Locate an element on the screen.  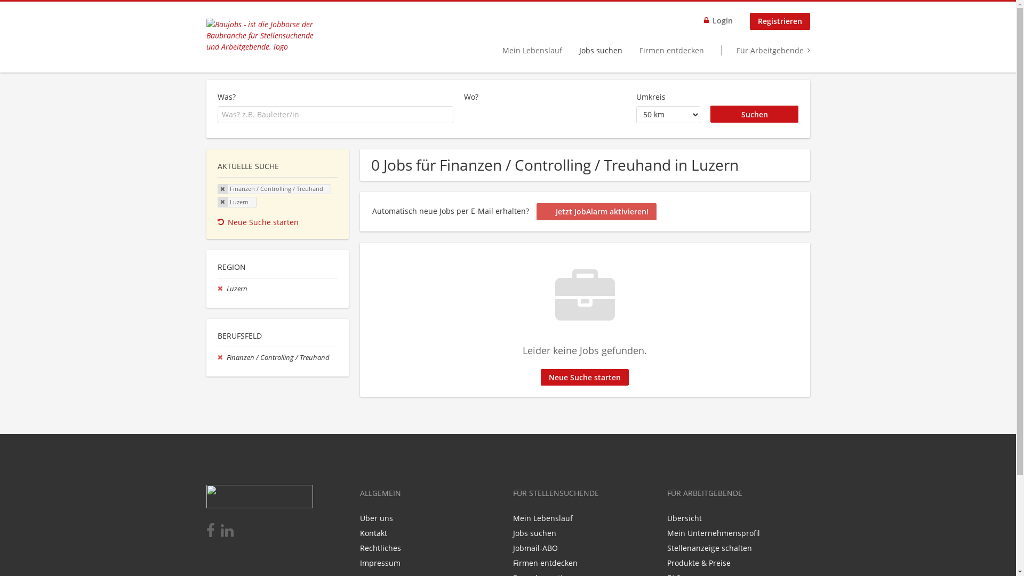
'Kontakt' is located at coordinates (373, 533).